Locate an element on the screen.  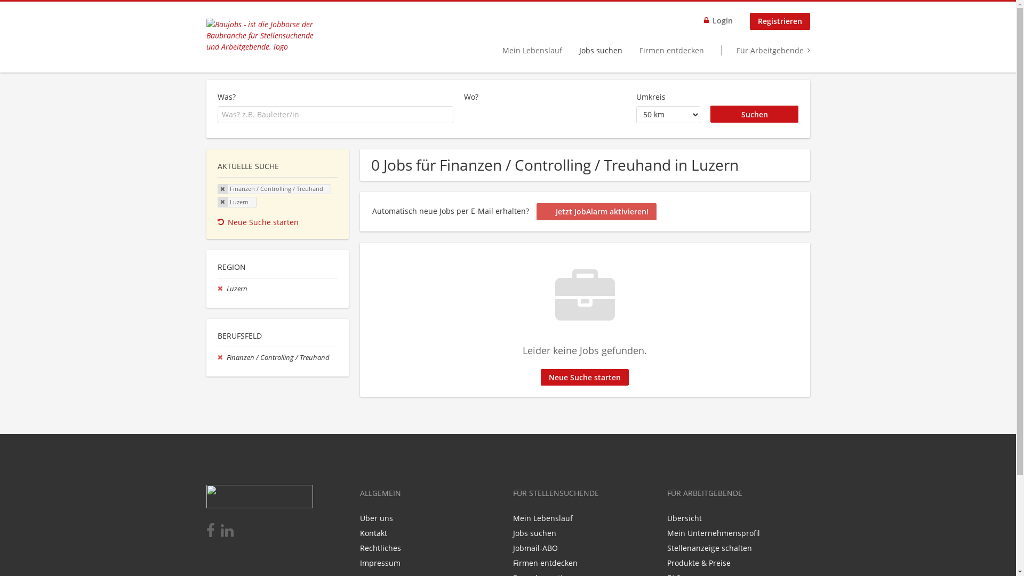
'Kontakt' is located at coordinates (373, 533).